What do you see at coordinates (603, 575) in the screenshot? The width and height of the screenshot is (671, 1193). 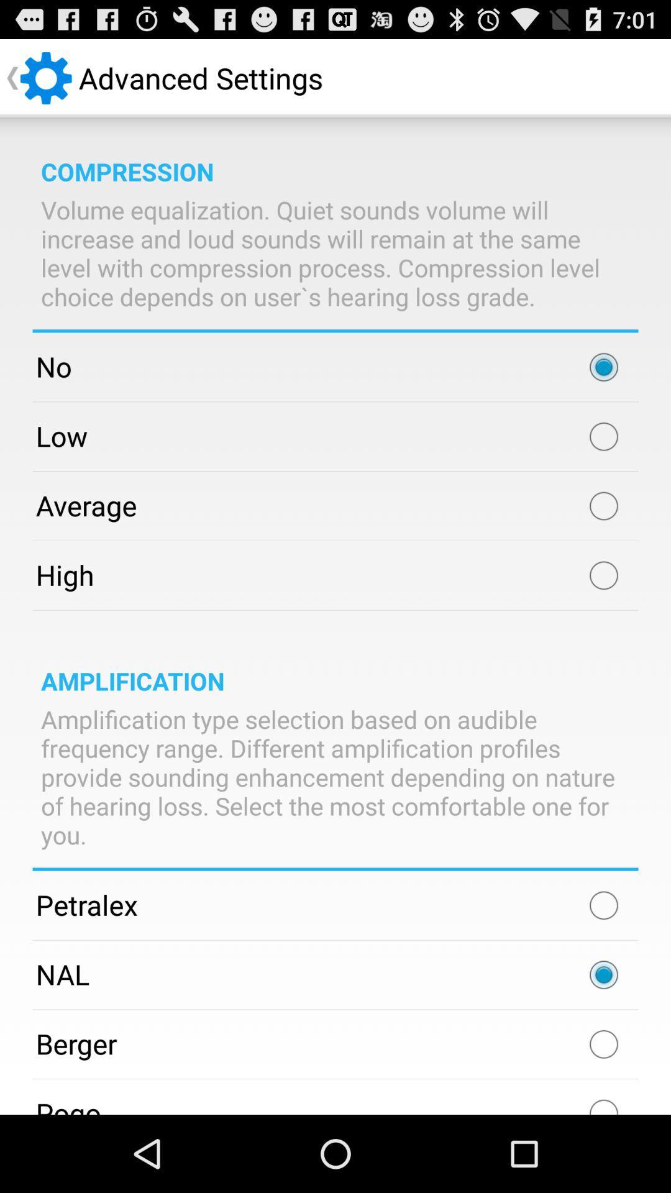 I see `high option` at bounding box center [603, 575].